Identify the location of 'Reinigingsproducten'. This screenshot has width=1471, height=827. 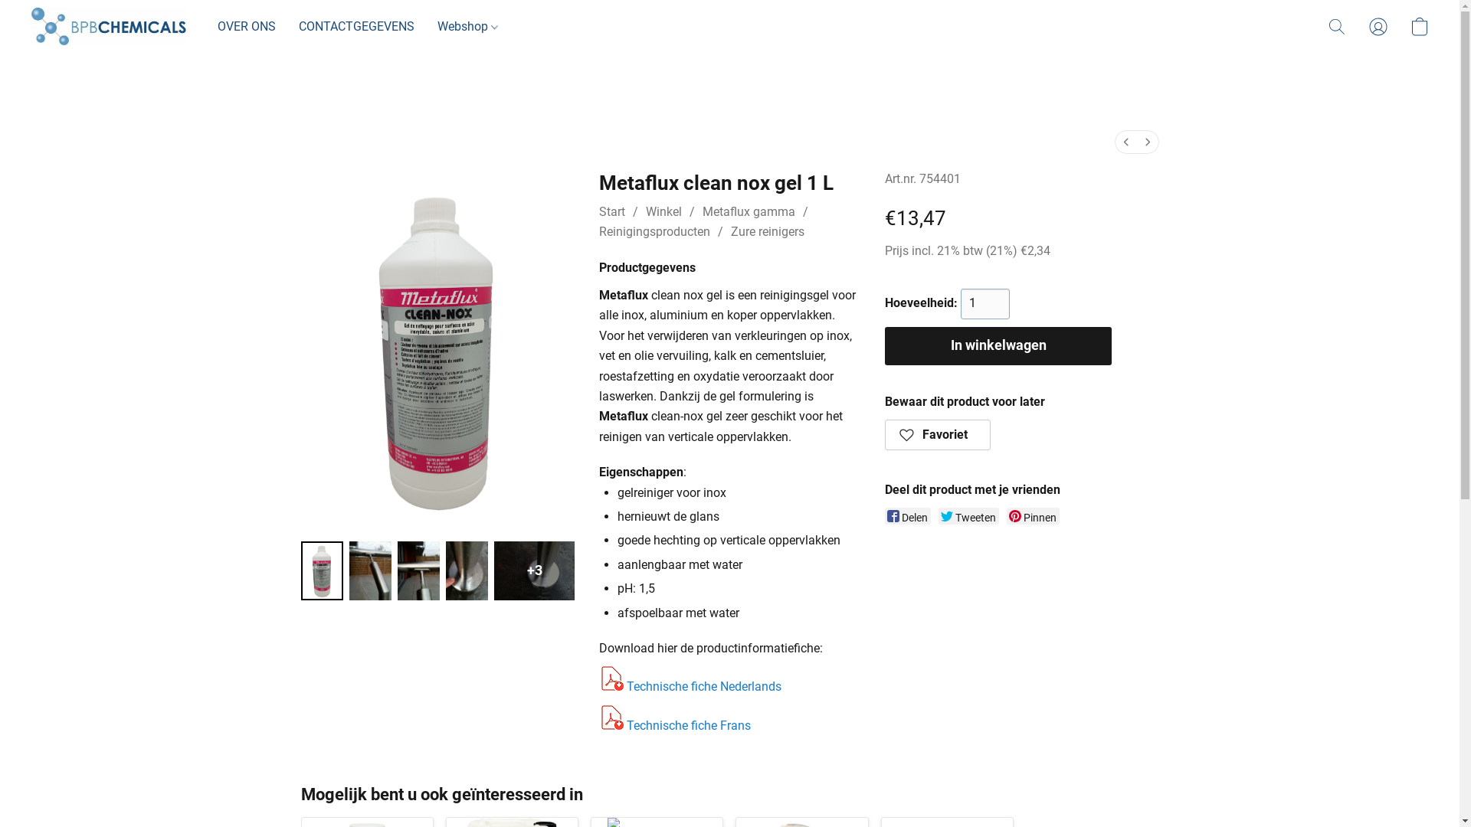
(706, 241).